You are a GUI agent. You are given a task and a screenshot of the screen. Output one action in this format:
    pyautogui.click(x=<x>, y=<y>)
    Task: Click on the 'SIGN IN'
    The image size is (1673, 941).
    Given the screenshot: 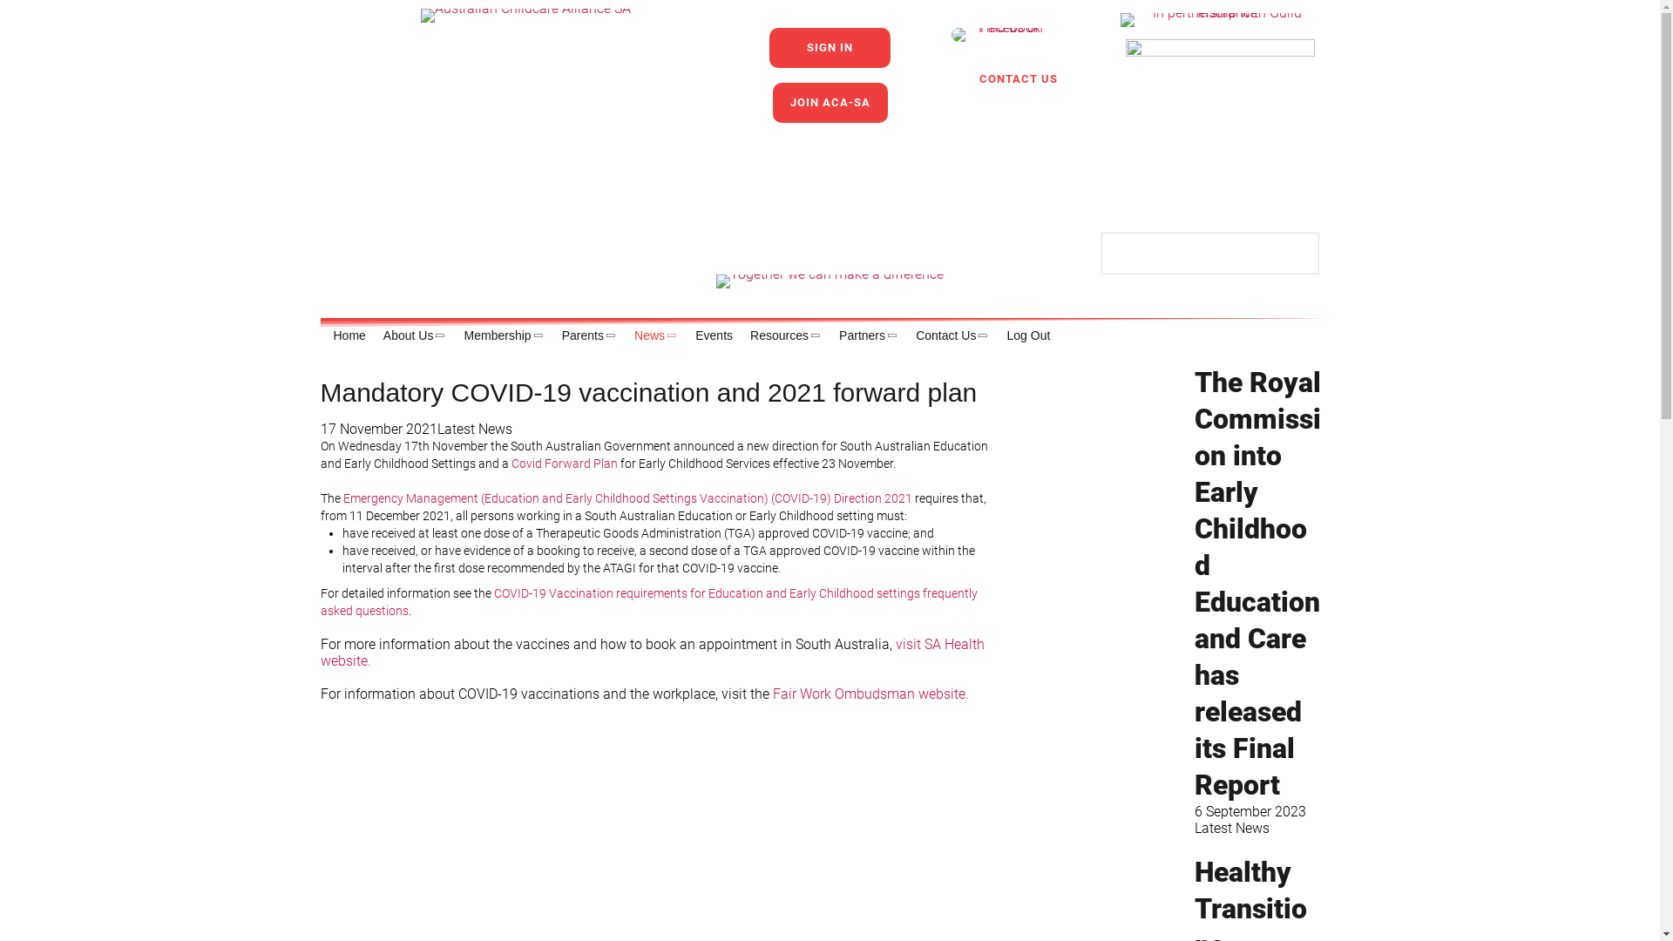 What is the action you would take?
    pyautogui.click(x=829, y=46)
    